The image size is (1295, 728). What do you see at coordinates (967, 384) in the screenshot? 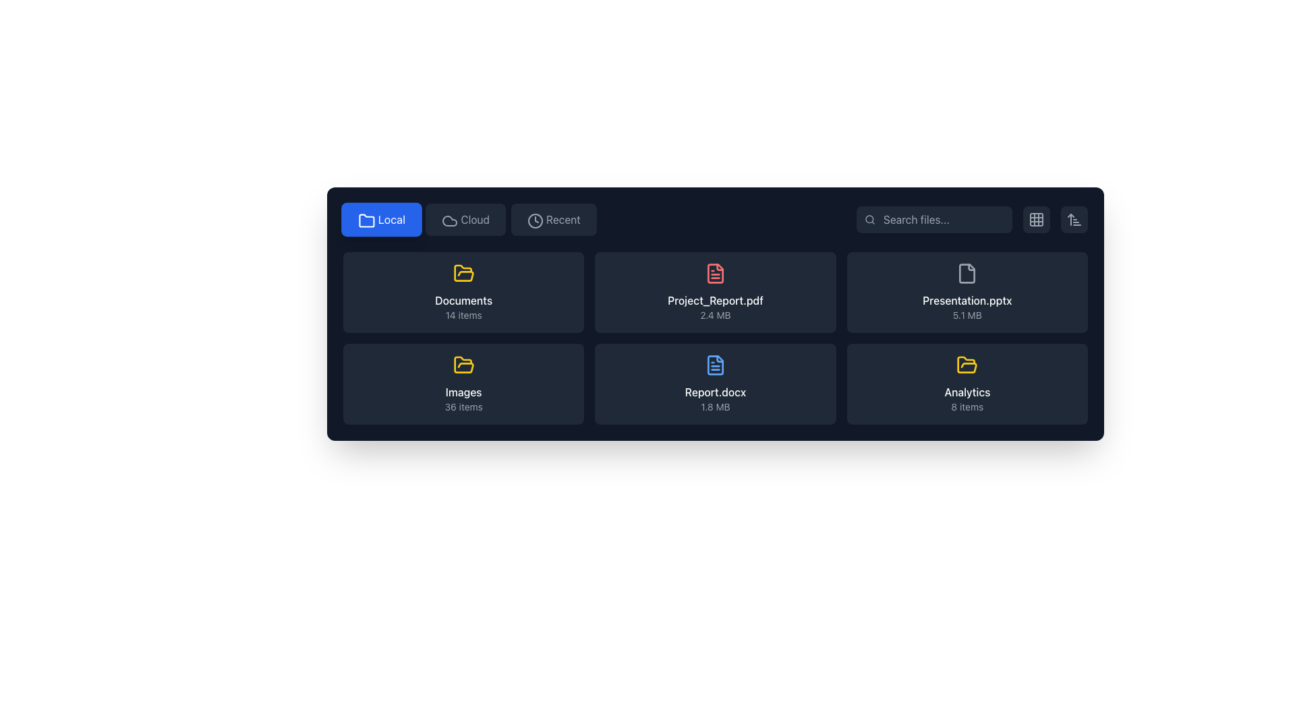
I see `the 'Analytics' card element, which has a dark background, rounded edges, and a yellow folder icon at the top` at bounding box center [967, 384].